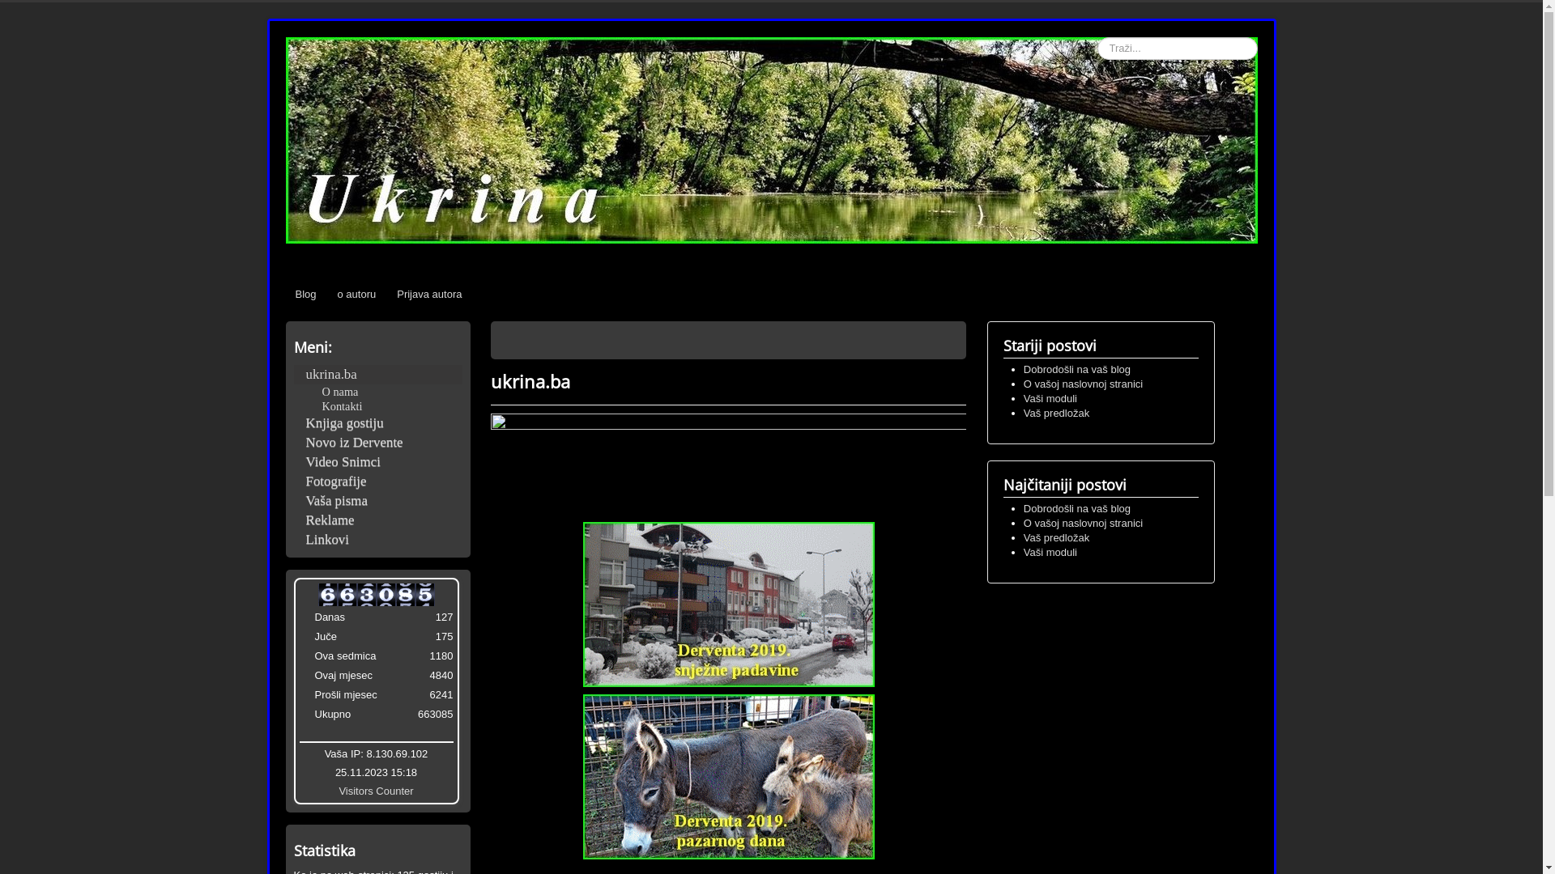  Describe the element at coordinates (305, 696) in the screenshot. I see `'2023-10-01'` at that location.